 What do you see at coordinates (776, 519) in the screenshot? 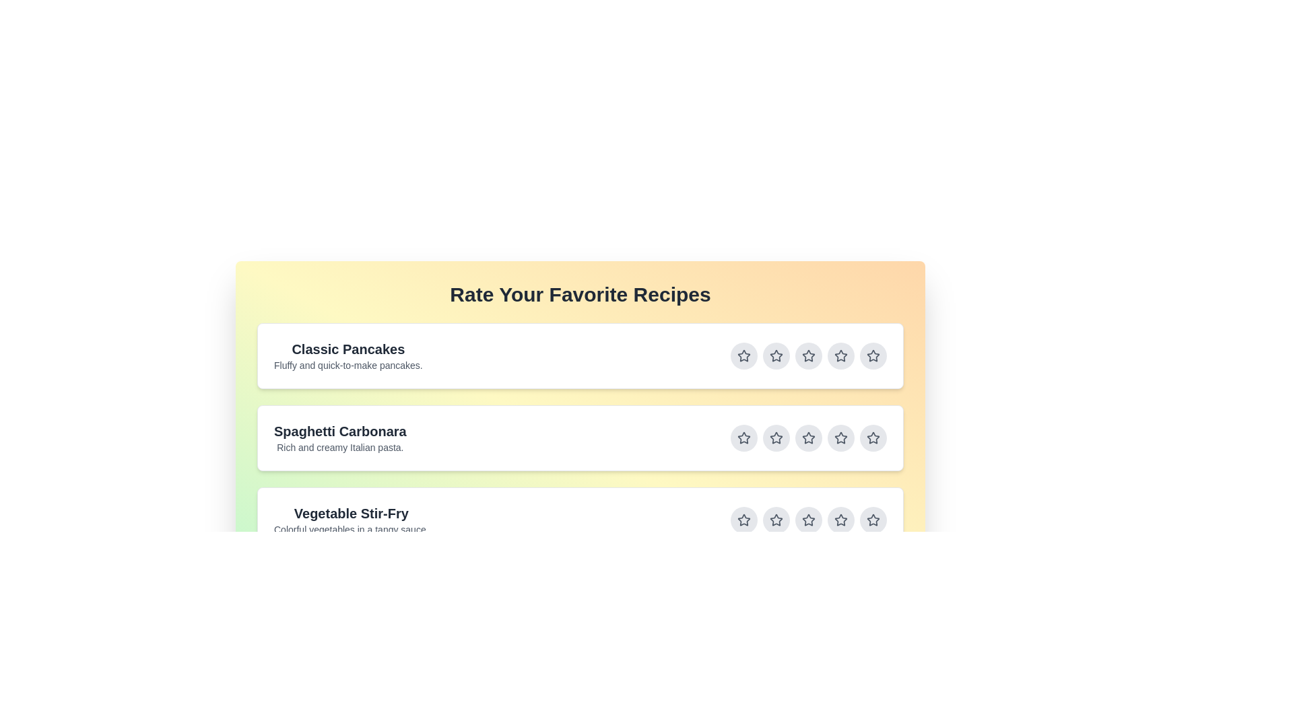
I see `the star button corresponding to 2 stars for the recipe titled Vegetable Stir-Fry` at bounding box center [776, 519].